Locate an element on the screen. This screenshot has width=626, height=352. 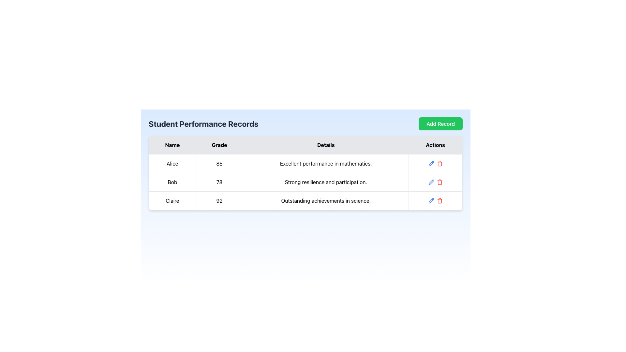
the blue pencil SVG icon in the actions column of the second row of the data table to initiate editing is located at coordinates (431, 182).